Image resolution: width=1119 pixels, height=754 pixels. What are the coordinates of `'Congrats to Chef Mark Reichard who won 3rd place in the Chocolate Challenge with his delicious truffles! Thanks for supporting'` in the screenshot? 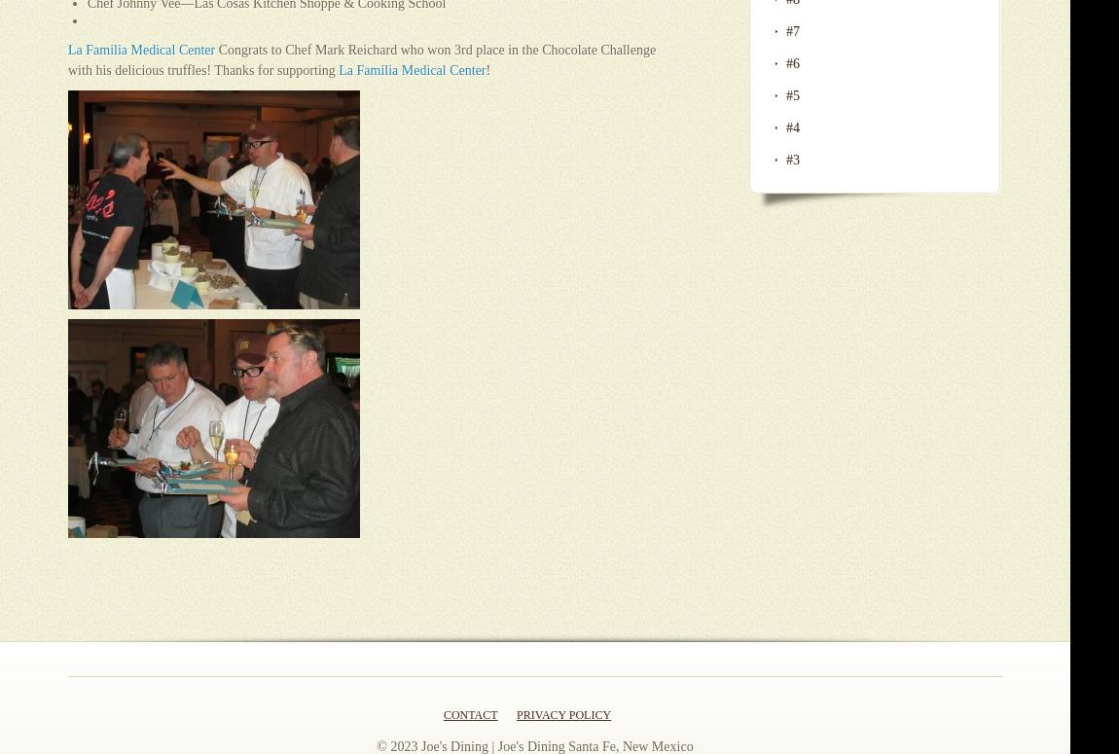 It's located at (362, 59).